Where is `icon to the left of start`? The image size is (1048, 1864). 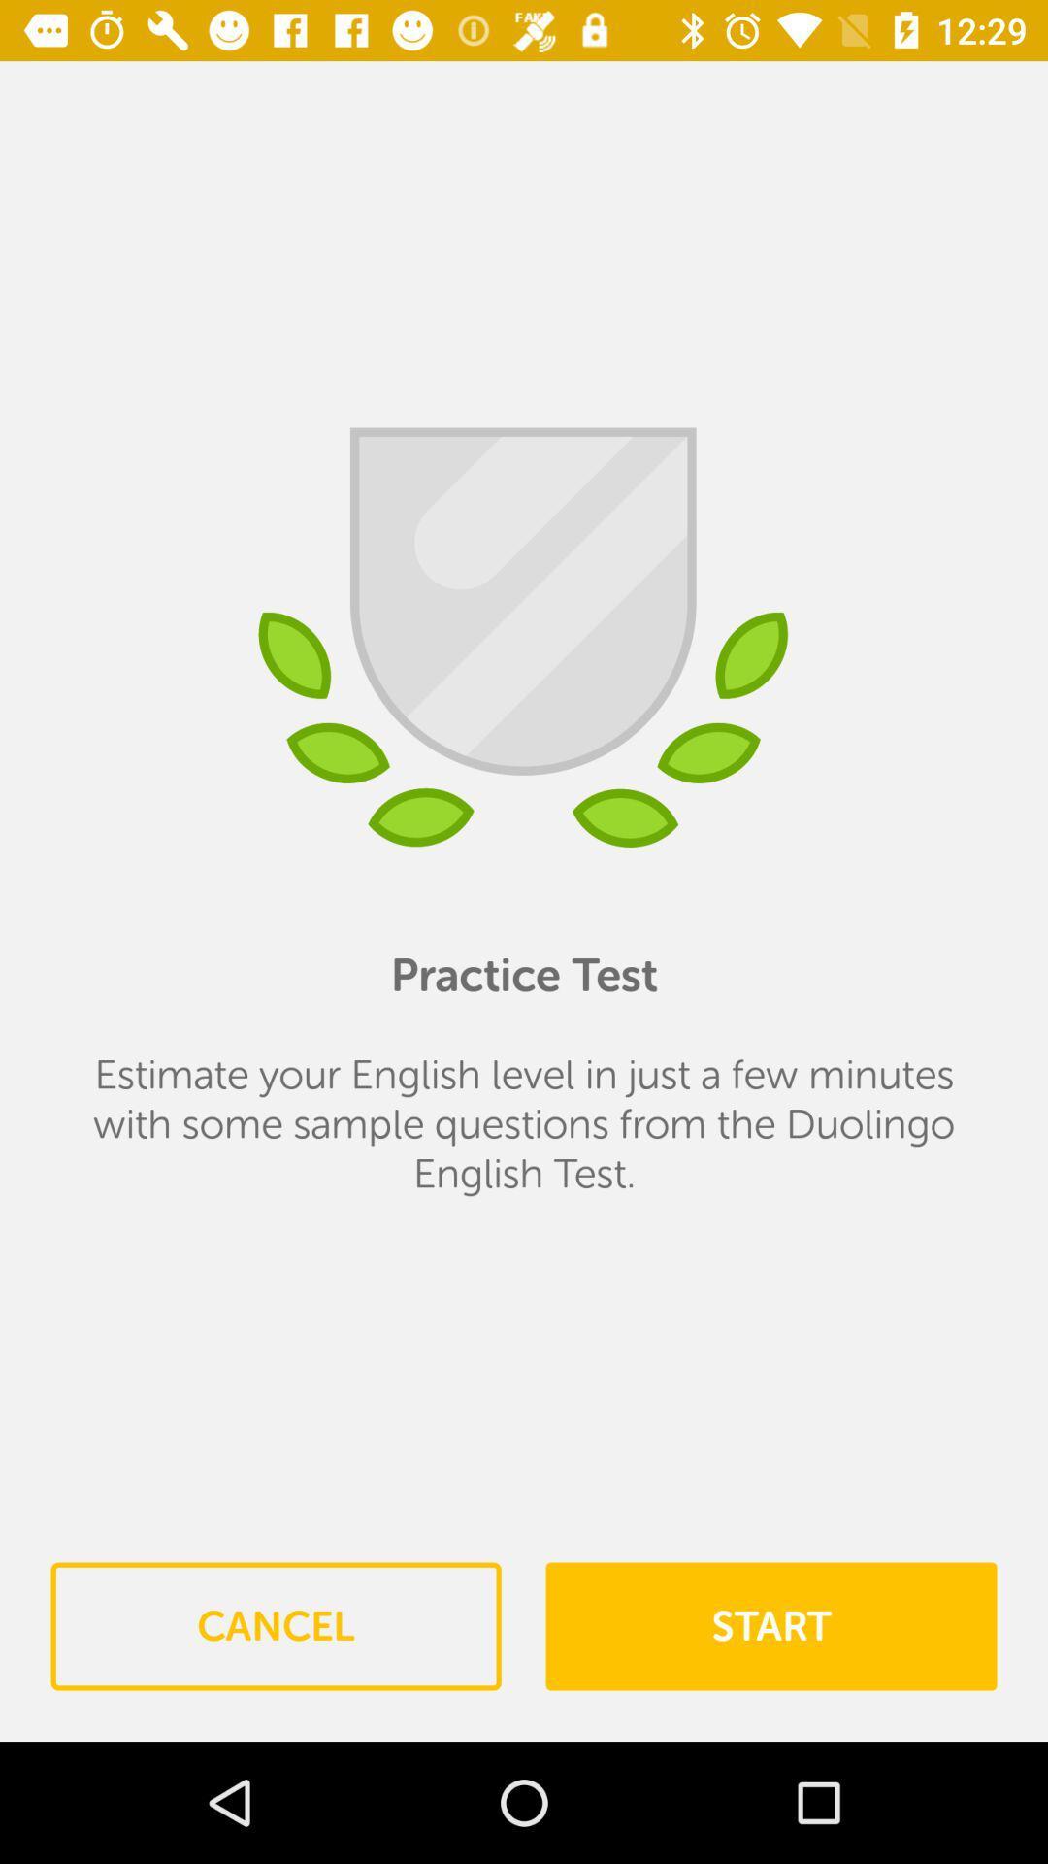 icon to the left of start is located at coordinates (276, 1626).